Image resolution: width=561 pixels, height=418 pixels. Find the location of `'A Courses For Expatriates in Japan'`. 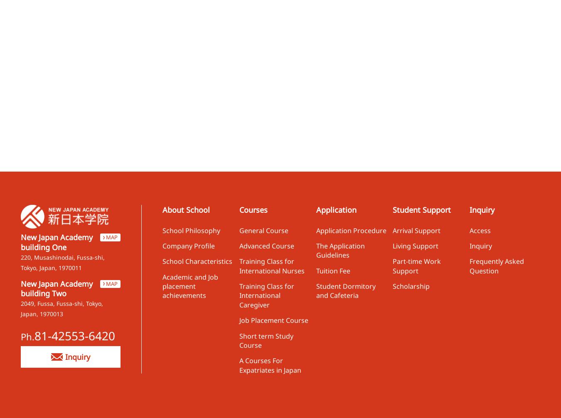

'A Courses For Expatriates in Japan' is located at coordinates (270, 365).